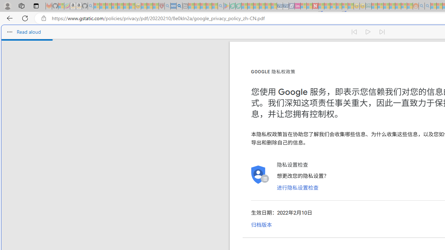  I want to click on 'Utah sues federal government - Search - Sleeping', so click(427, 6).